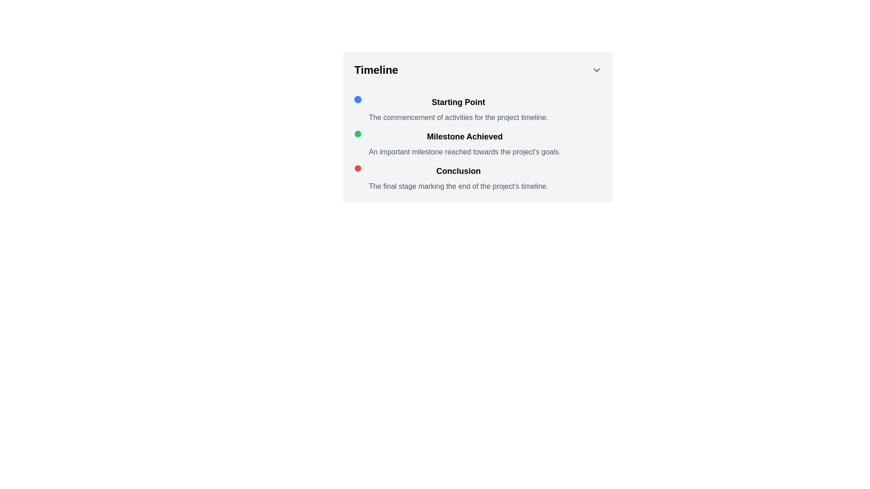 This screenshot has height=489, width=870. I want to click on text from the 'Milestone Achieved' label, which is prominently displayed in a bold font within the timeline interface, so click(464, 136).